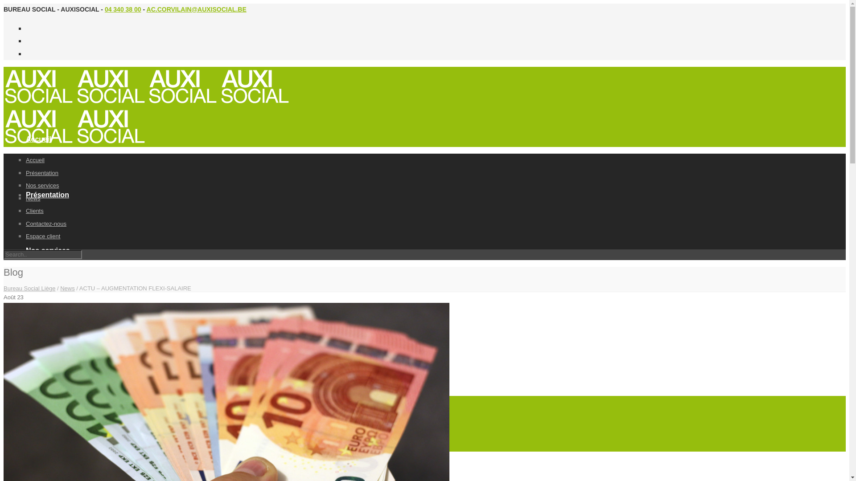  I want to click on 'News', so click(35, 306).